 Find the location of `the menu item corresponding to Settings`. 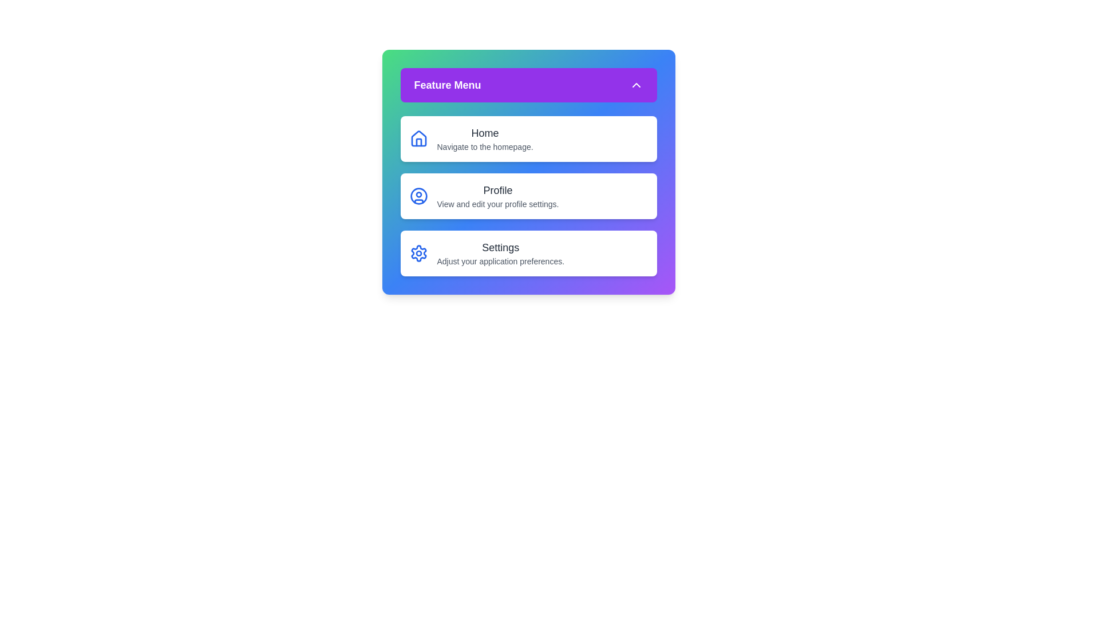

the menu item corresponding to Settings is located at coordinates (528, 253).